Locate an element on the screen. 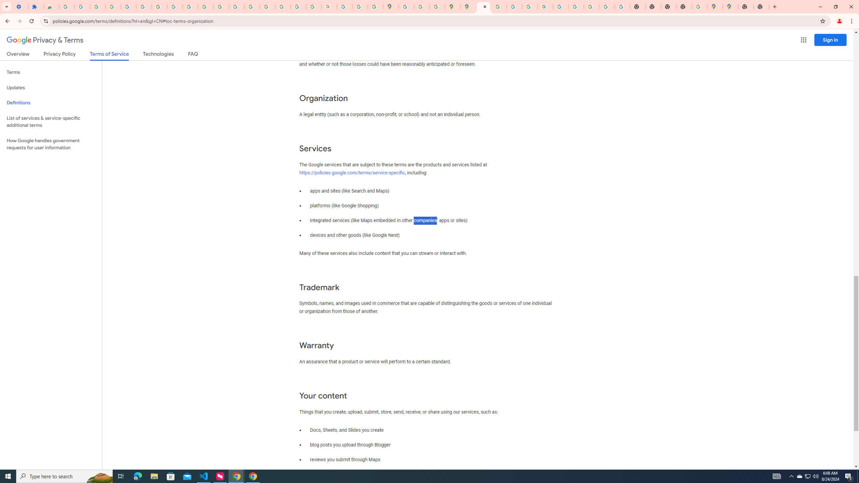 The width and height of the screenshot is (859, 483). 'Learn how to find your photos - Google Photos Help' is located at coordinates (97, 6).